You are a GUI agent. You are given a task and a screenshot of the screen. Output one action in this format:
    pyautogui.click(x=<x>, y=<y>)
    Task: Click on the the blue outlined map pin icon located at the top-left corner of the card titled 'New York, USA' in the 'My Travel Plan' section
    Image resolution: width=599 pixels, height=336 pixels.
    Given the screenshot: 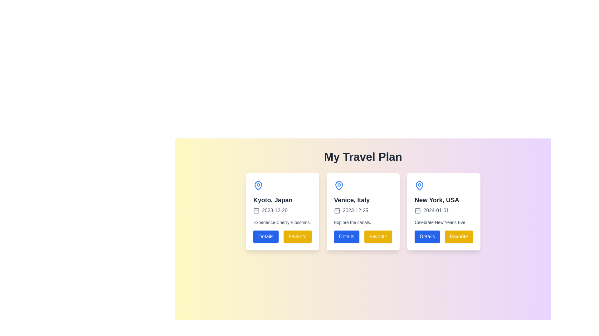 What is the action you would take?
    pyautogui.click(x=420, y=185)
    